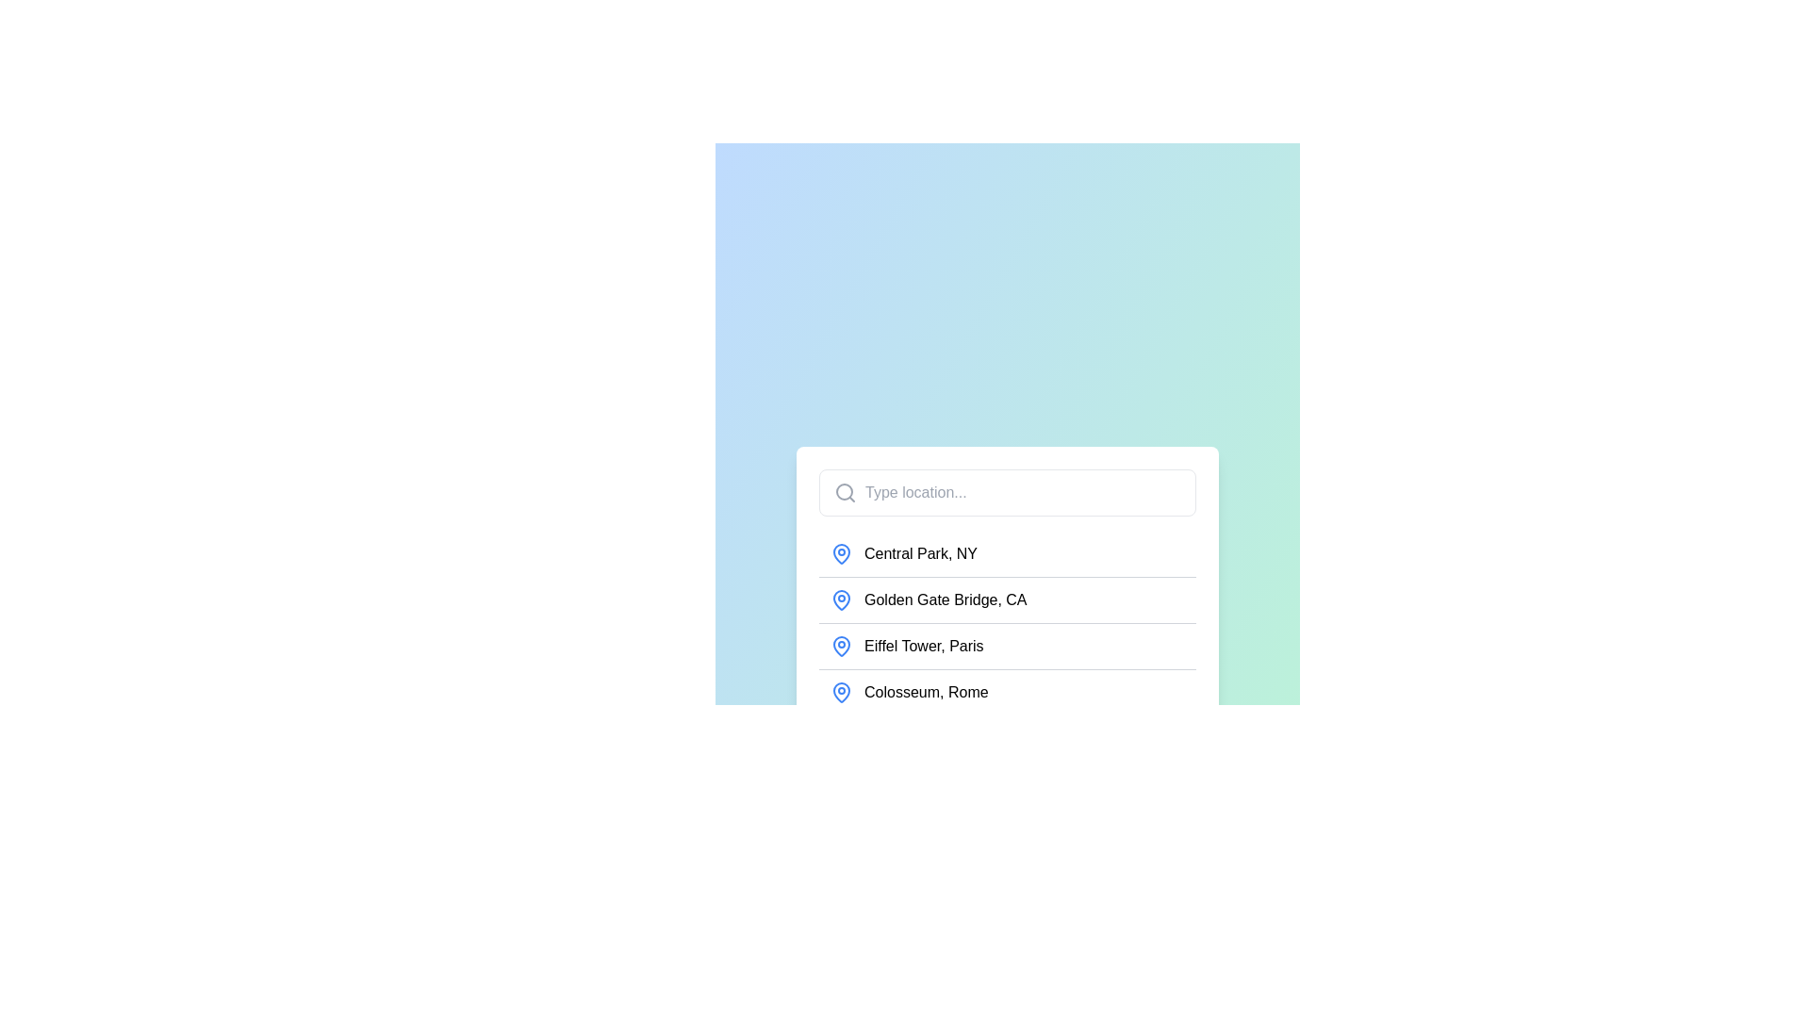 The image size is (1810, 1018). What do you see at coordinates (1007, 692) in the screenshot?
I see `the fourth selectable location option in the list, which represents 'Colosseum, Rome', positioned between 'Eiffel Tower, Paris' and 'Sydney Opera House, Sydney'` at bounding box center [1007, 692].